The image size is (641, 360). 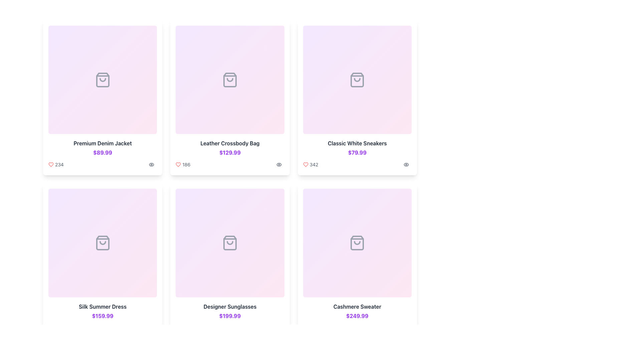 I want to click on the e-commerce shopping bag icon located at the bottom-right of the 'Cashmere Sweater' product card, so click(x=357, y=243).